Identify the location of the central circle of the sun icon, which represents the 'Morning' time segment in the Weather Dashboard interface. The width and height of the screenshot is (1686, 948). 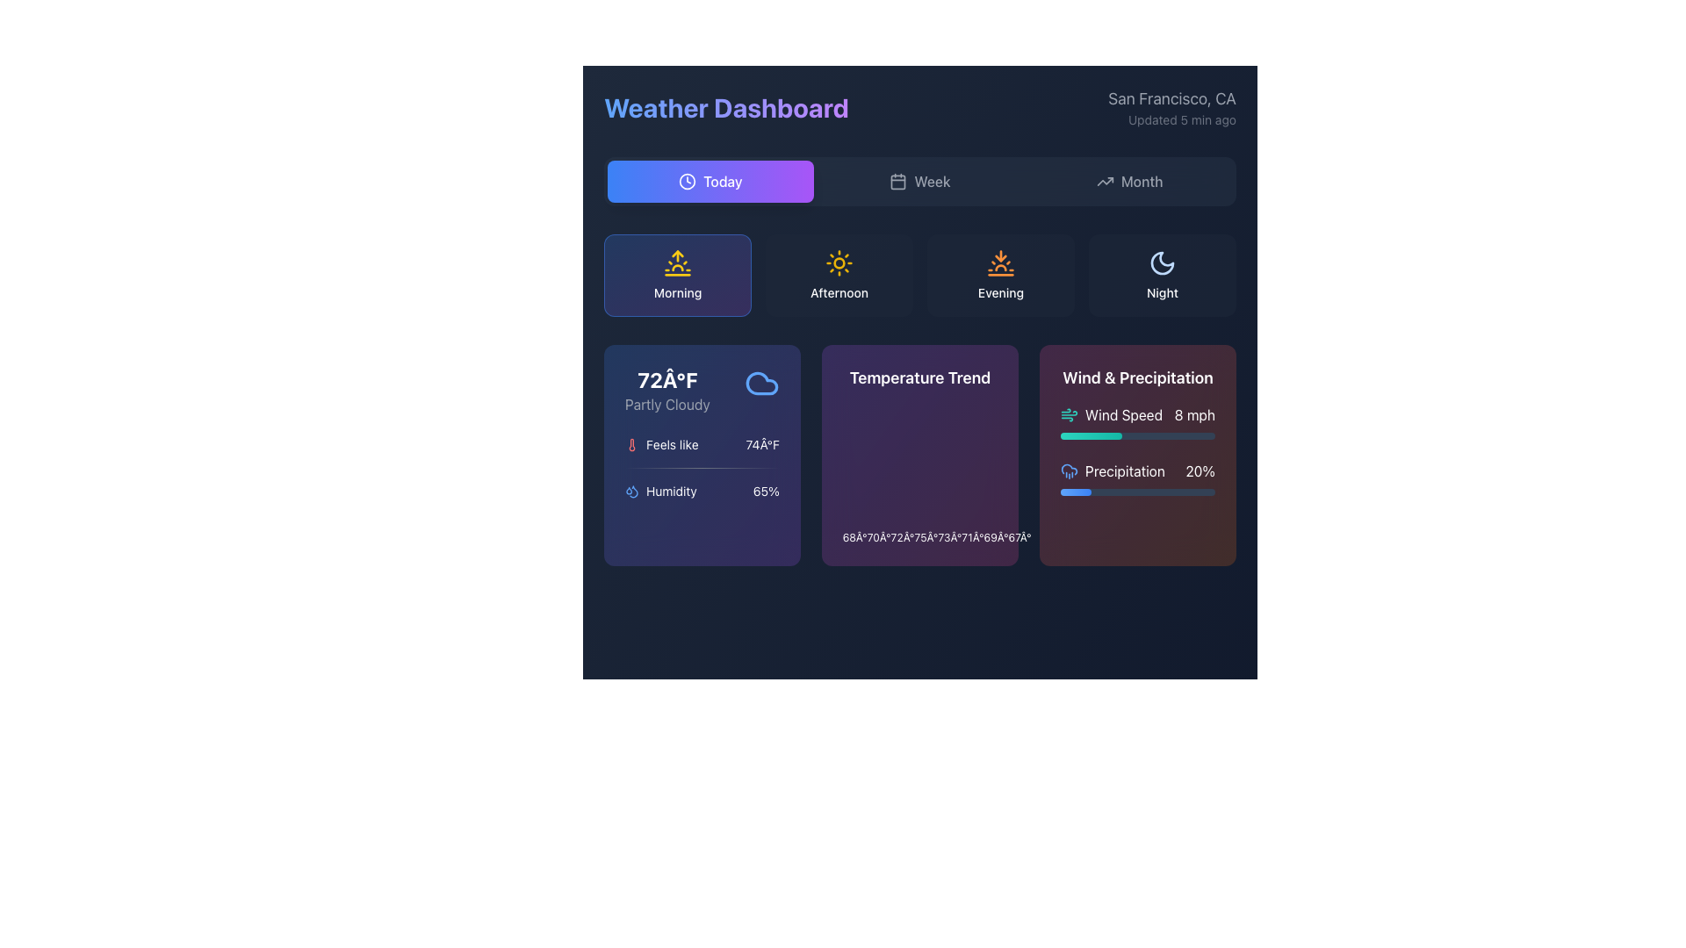
(838, 263).